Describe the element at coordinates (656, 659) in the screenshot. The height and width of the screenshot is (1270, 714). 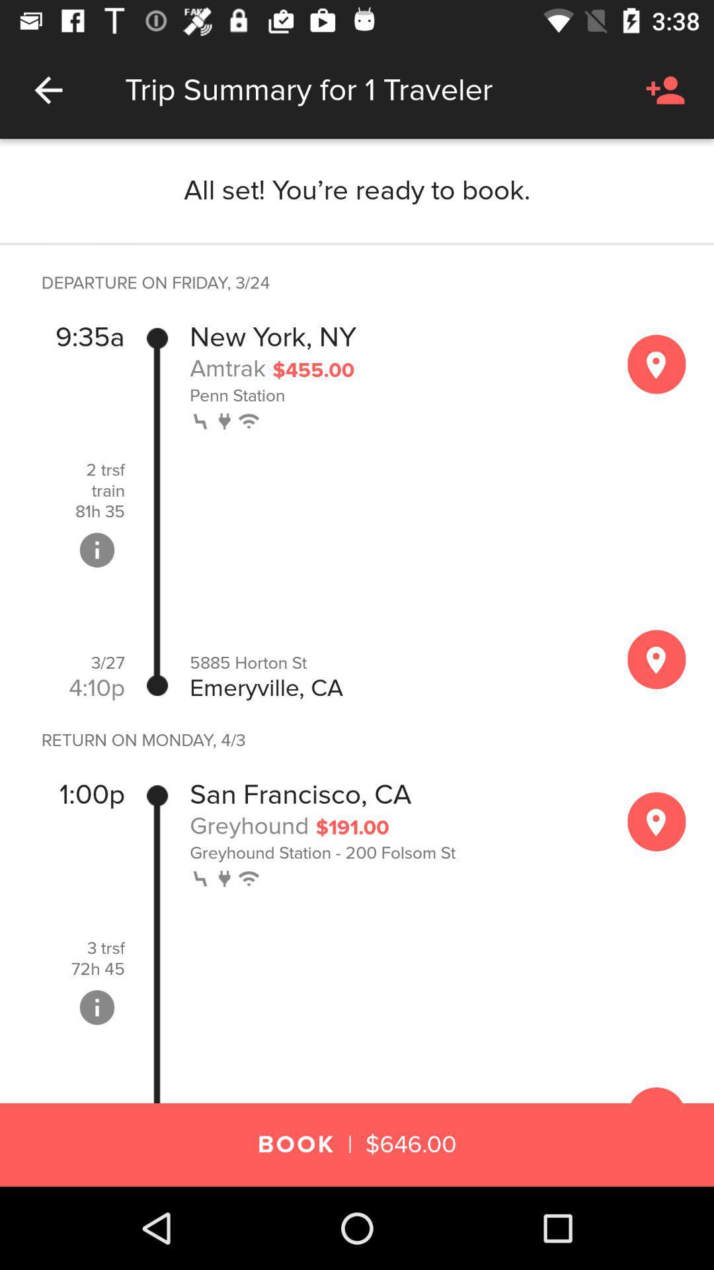
I see `see map of area` at that location.